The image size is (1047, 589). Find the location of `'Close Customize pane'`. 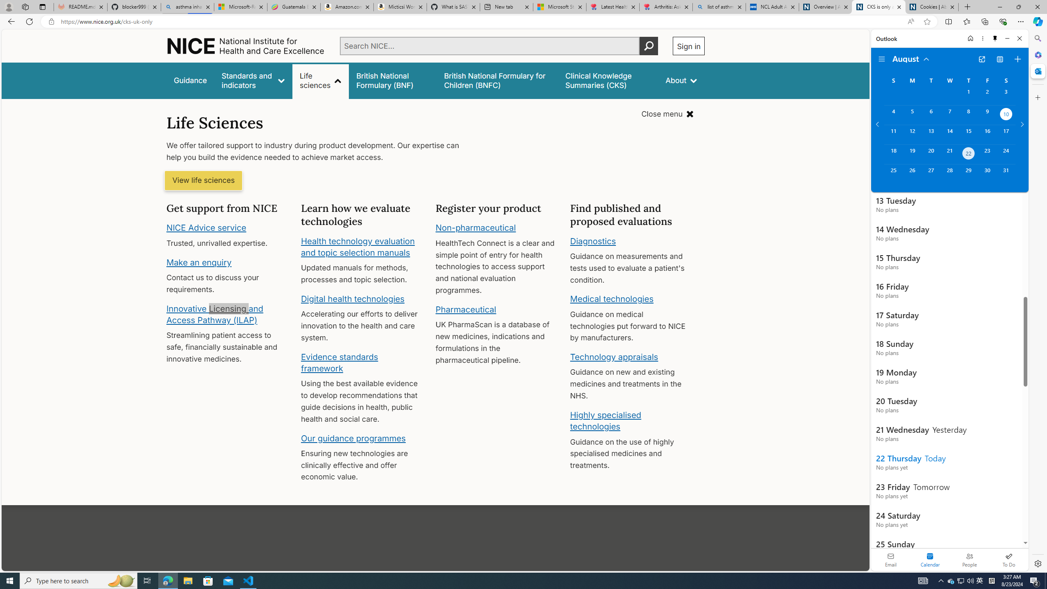

'Close Customize pane' is located at coordinates (1037, 97).